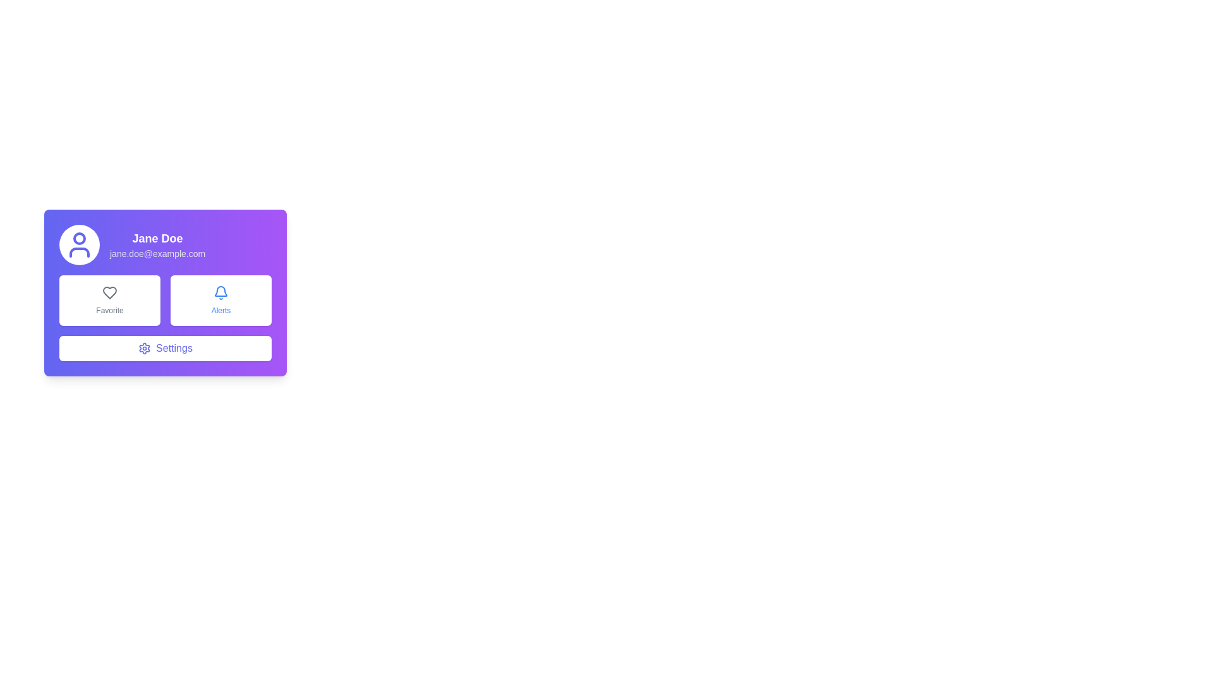  What do you see at coordinates (221, 311) in the screenshot?
I see `the Text label that describes the bell icon related to 'alerts', located in the bottom-right quadrant of the card structure` at bounding box center [221, 311].